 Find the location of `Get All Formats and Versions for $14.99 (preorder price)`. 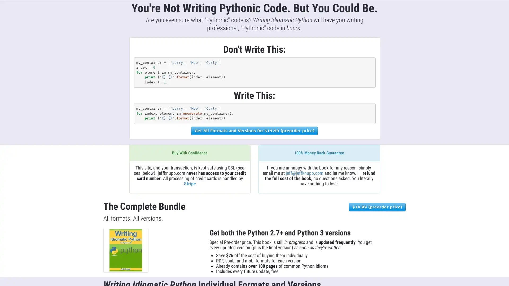

Get All Formats and Versions for $14.99 (preorder price) is located at coordinates (254, 131).